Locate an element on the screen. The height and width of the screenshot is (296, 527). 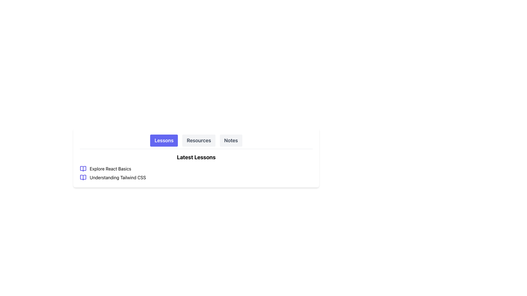
the open book SVG icon located next to the text 'Understanding Tailwind CSS' under the 'Latest Lessons' heading is located at coordinates (83, 178).